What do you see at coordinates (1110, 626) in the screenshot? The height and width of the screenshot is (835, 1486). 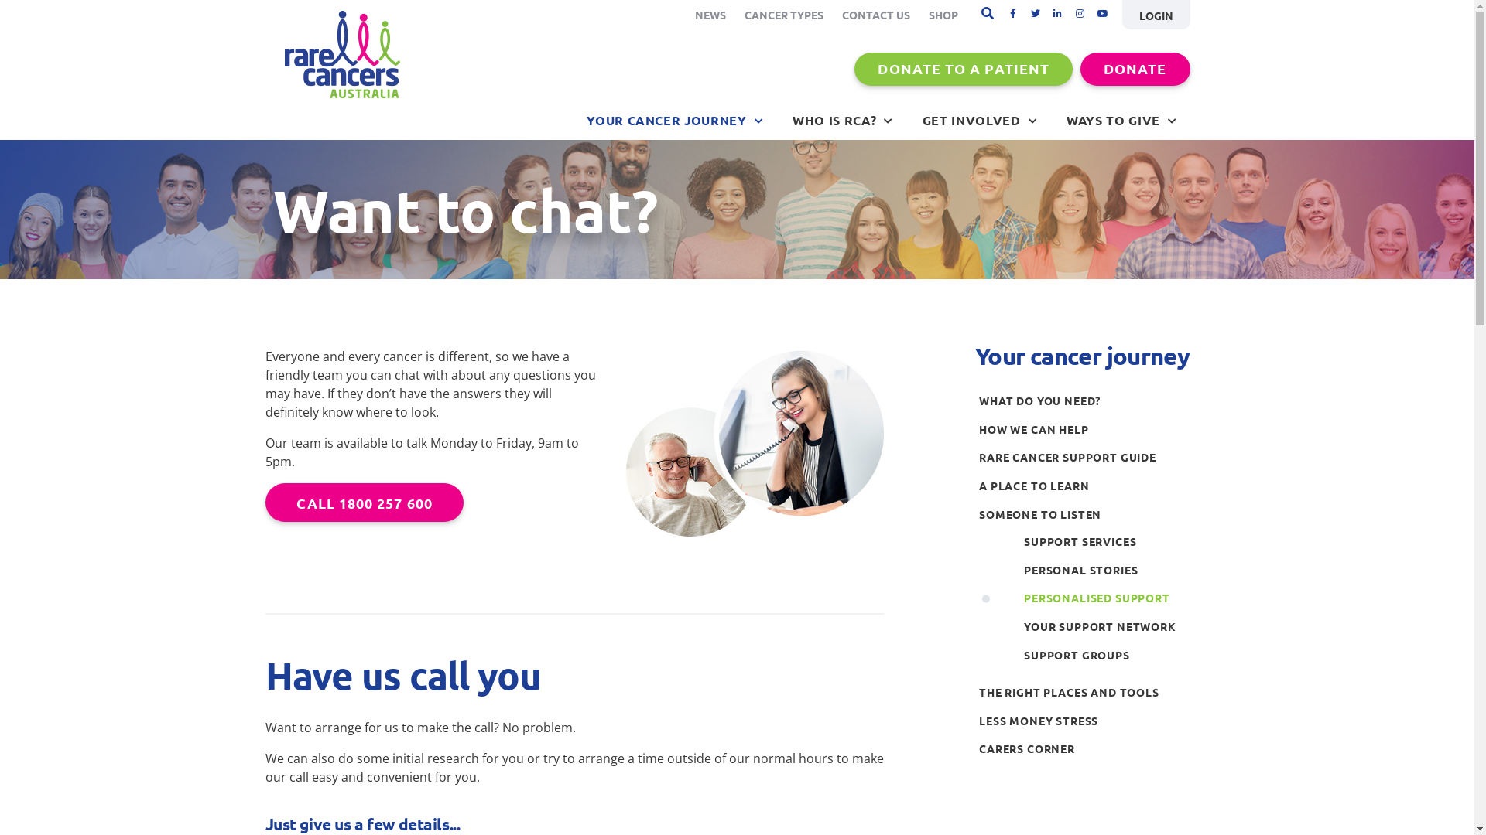 I see `'YOUR SUPPORT NETWORK'` at bounding box center [1110, 626].